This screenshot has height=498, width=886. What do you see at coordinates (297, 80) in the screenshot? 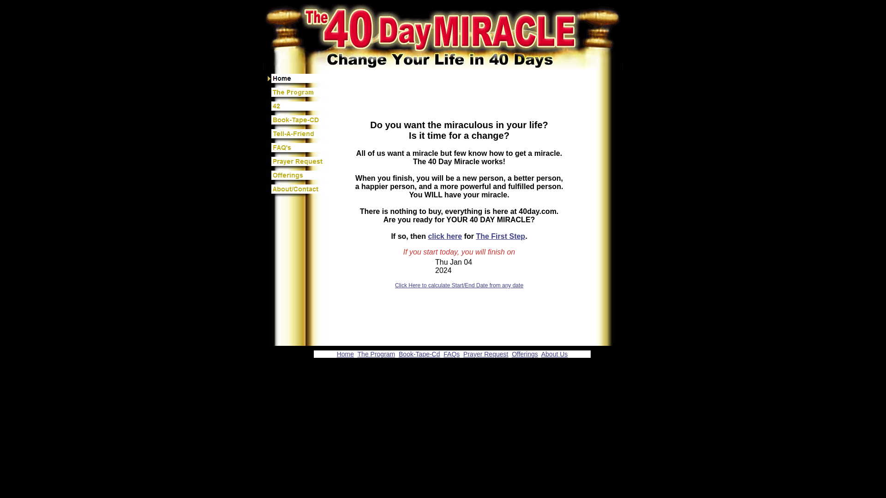
I see `'Home'` at bounding box center [297, 80].